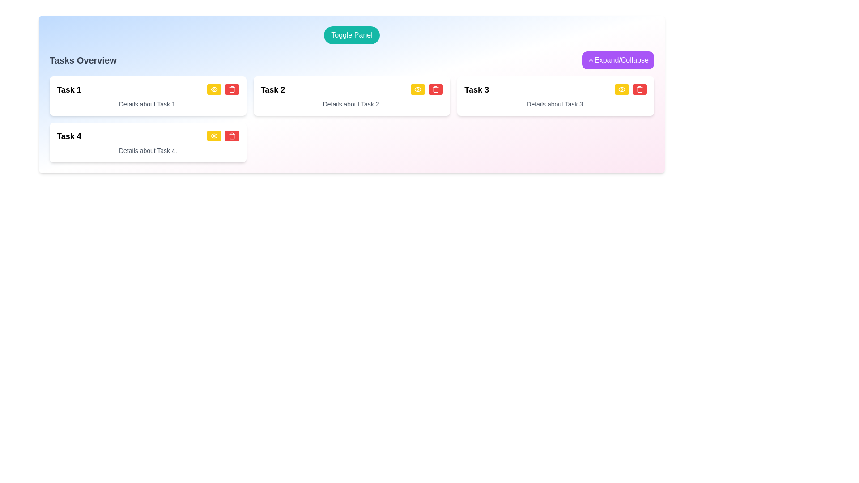  Describe the element at coordinates (232, 136) in the screenshot. I see `the delete button located in the row of interactive buttons to the right of the yellow eye icon button, which is part of the 'Task 4' card in the lower-left area of the interface` at that location.